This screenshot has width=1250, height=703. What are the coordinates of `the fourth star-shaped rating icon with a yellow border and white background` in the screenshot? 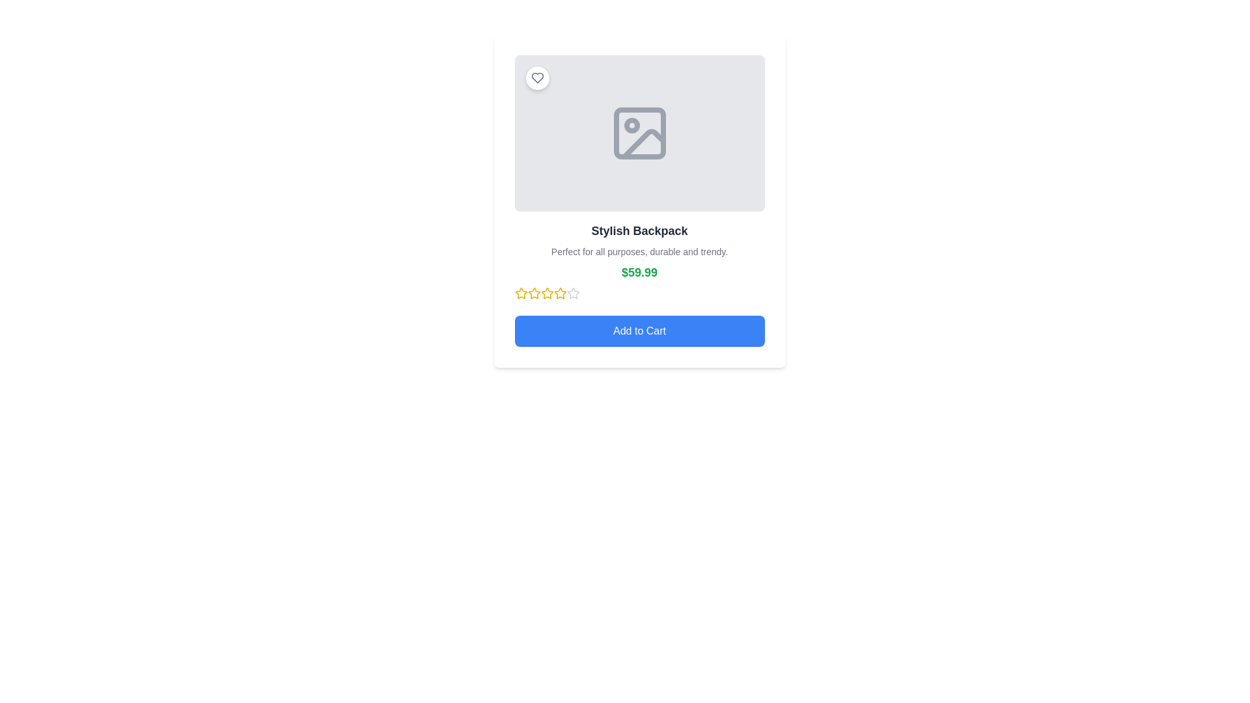 It's located at (547, 294).